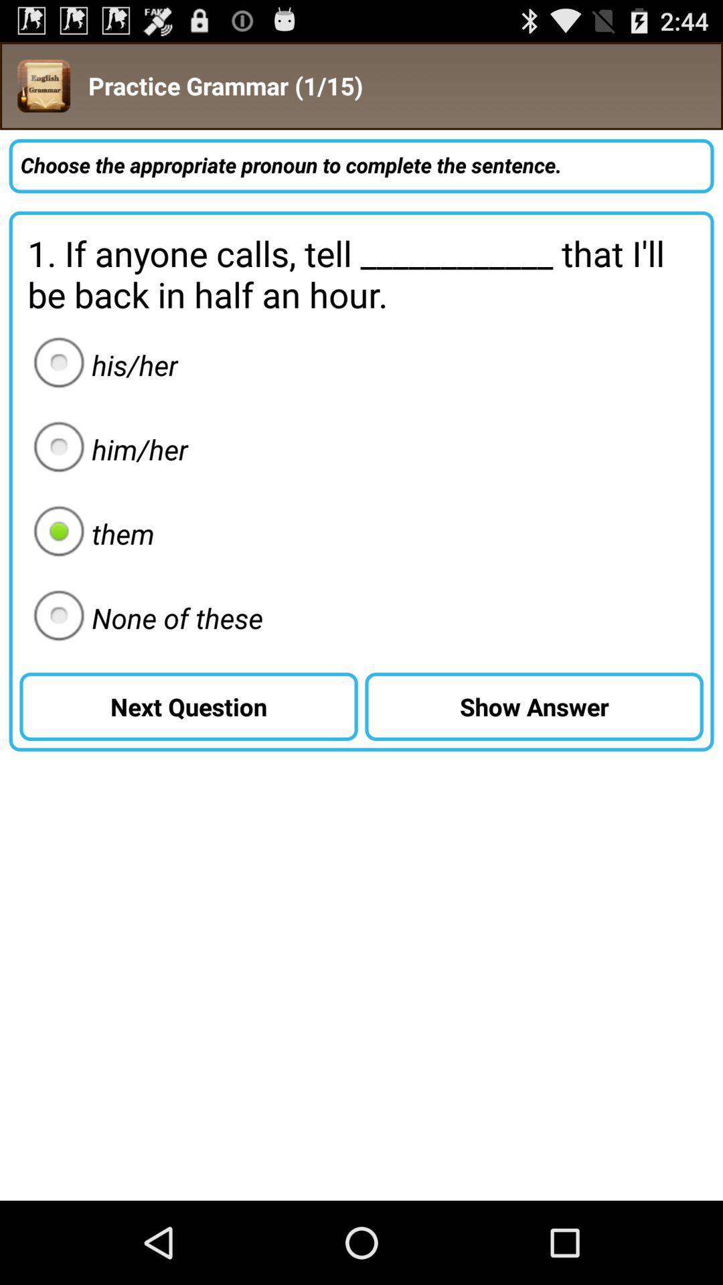 This screenshot has width=723, height=1285. What do you see at coordinates (90, 533) in the screenshot?
I see `the them item` at bounding box center [90, 533].